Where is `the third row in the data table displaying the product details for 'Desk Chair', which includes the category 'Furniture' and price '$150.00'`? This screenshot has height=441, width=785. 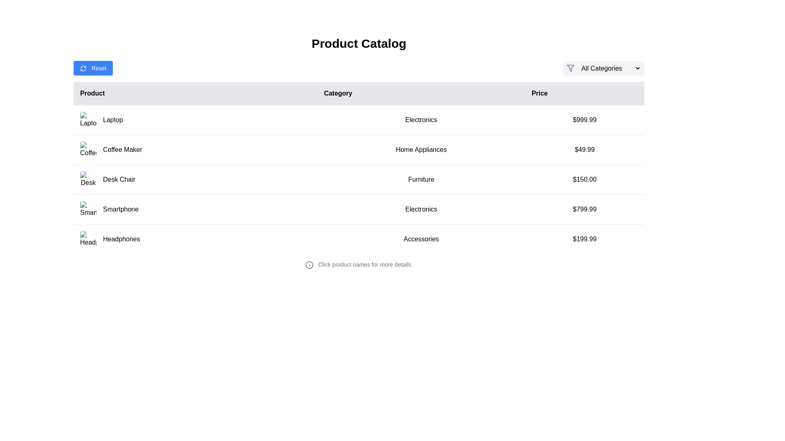 the third row in the data table displaying the product details for 'Desk Chair', which includes the category 'Furniture' and price '$150.00' is located at coordinates (359, 179).